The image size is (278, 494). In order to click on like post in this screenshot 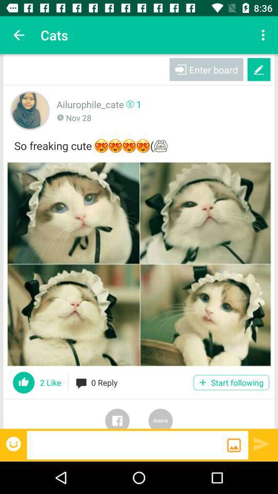, I will do `click(24, 382)`.